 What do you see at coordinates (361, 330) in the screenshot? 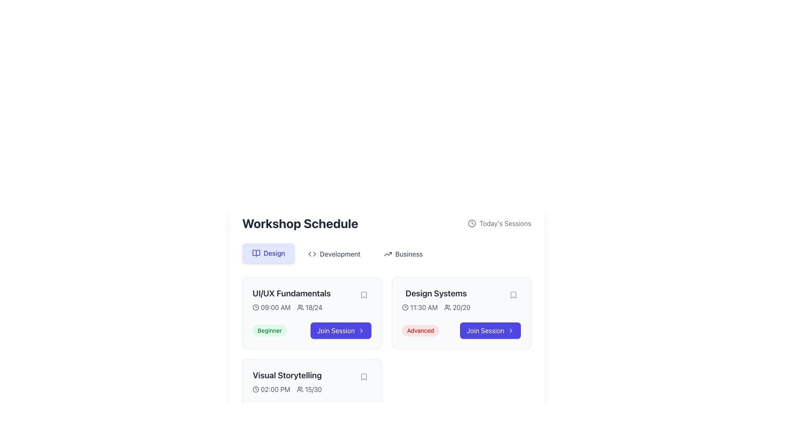
I see `the forward progression icon located at the far right end of the 'Join Session' button on the 'Design Systems' card` at bounding box center [361, 330].